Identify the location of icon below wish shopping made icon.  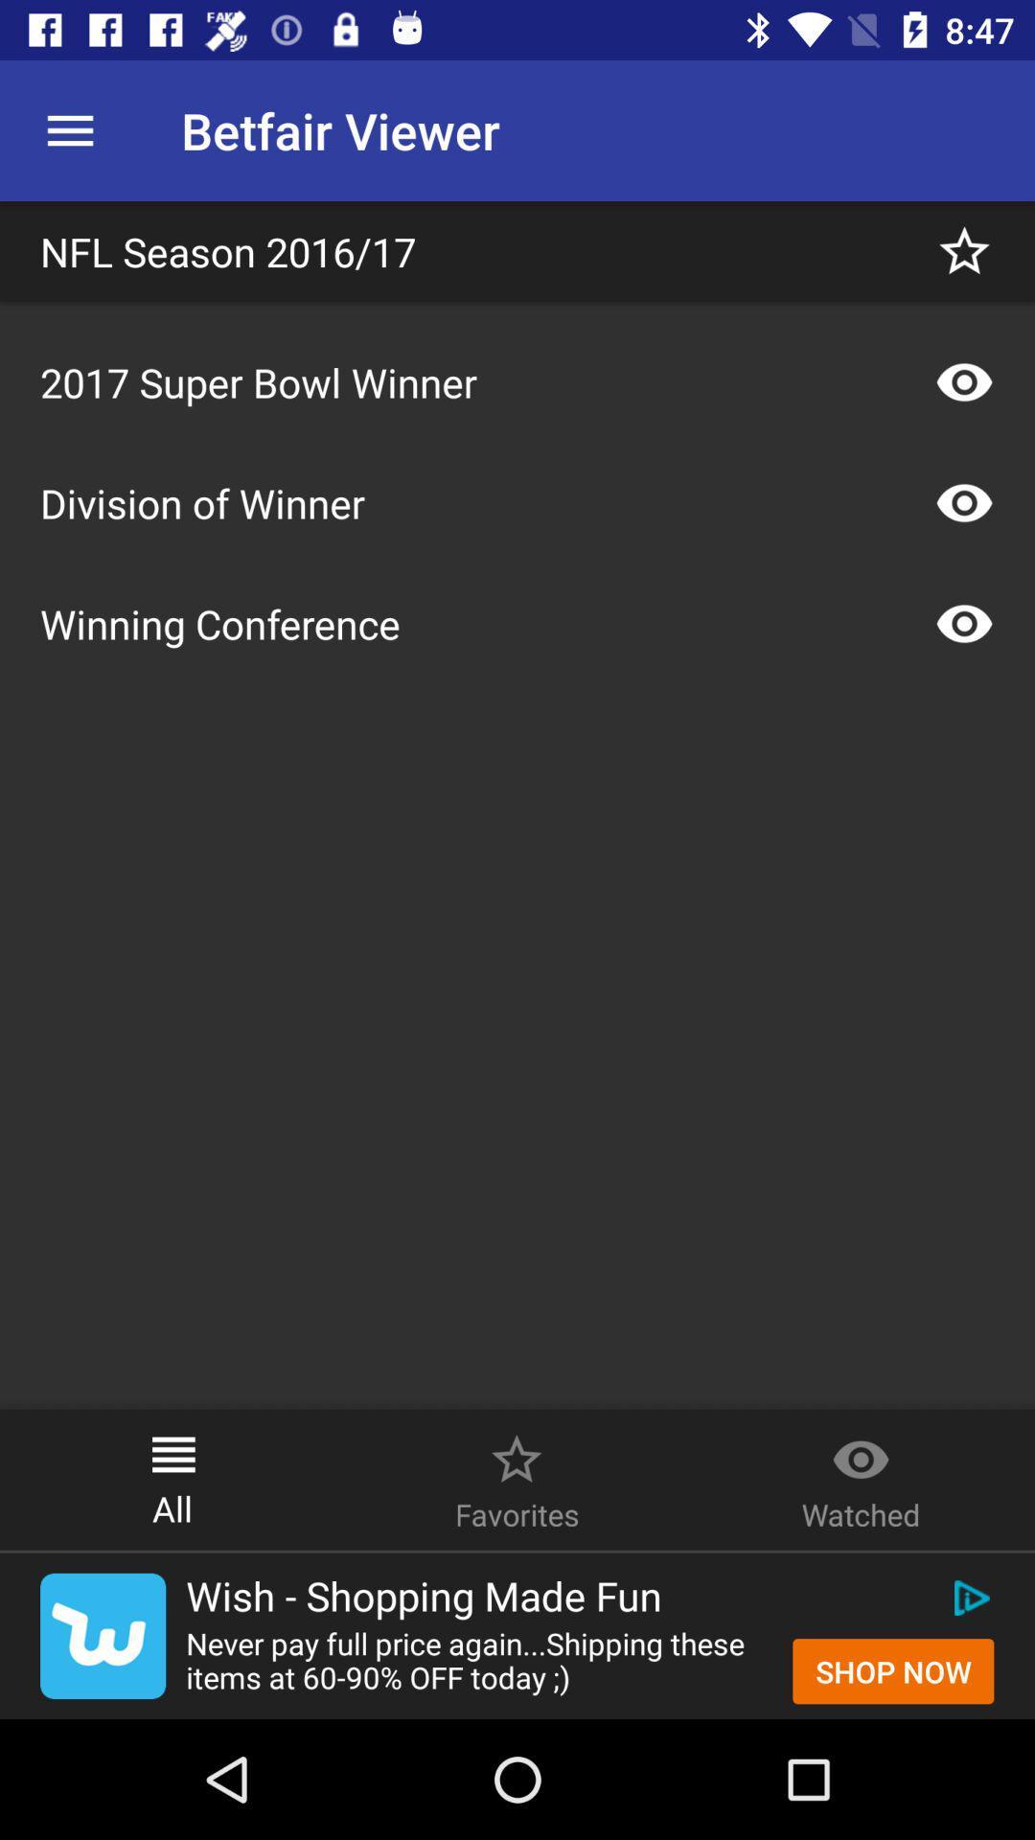
(893, 1670).